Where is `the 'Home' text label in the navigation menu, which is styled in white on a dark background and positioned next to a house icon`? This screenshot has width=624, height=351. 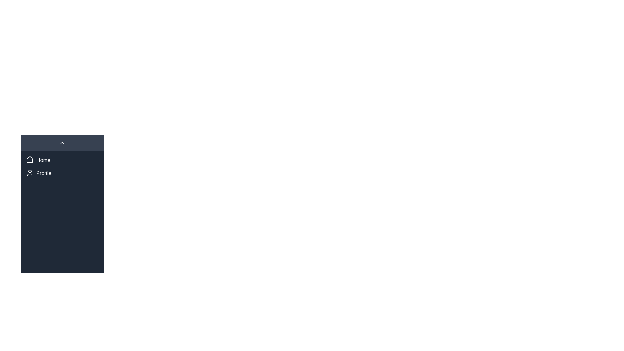
the 'Home' text label in the navigation menu, which is styled in white on a dark background and positioned next to a house icon is located at coordinates (43, 160).